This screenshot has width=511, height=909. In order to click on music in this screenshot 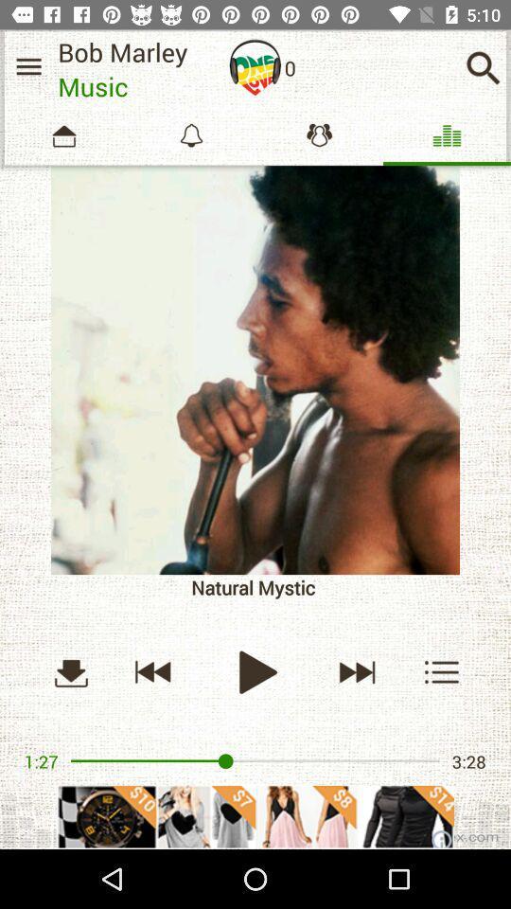, I will do `click(255, 671)`.